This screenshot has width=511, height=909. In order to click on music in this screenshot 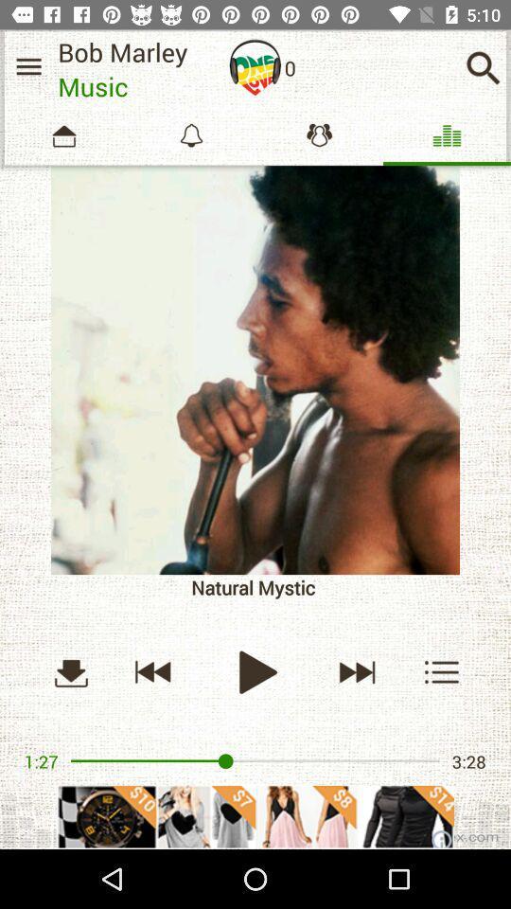, I will do `click(255, 671)`.